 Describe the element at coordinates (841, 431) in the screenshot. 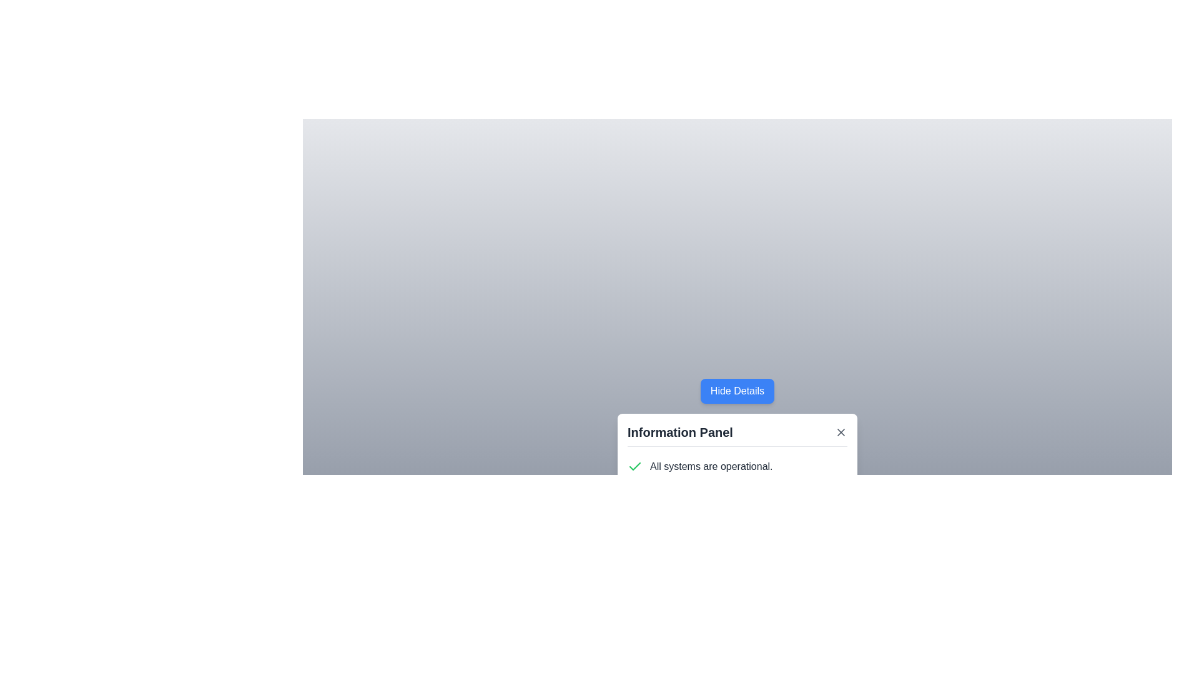

I see `the Close button located in the top-right corner of the 'Information Panel' to change its appearance` at that location.